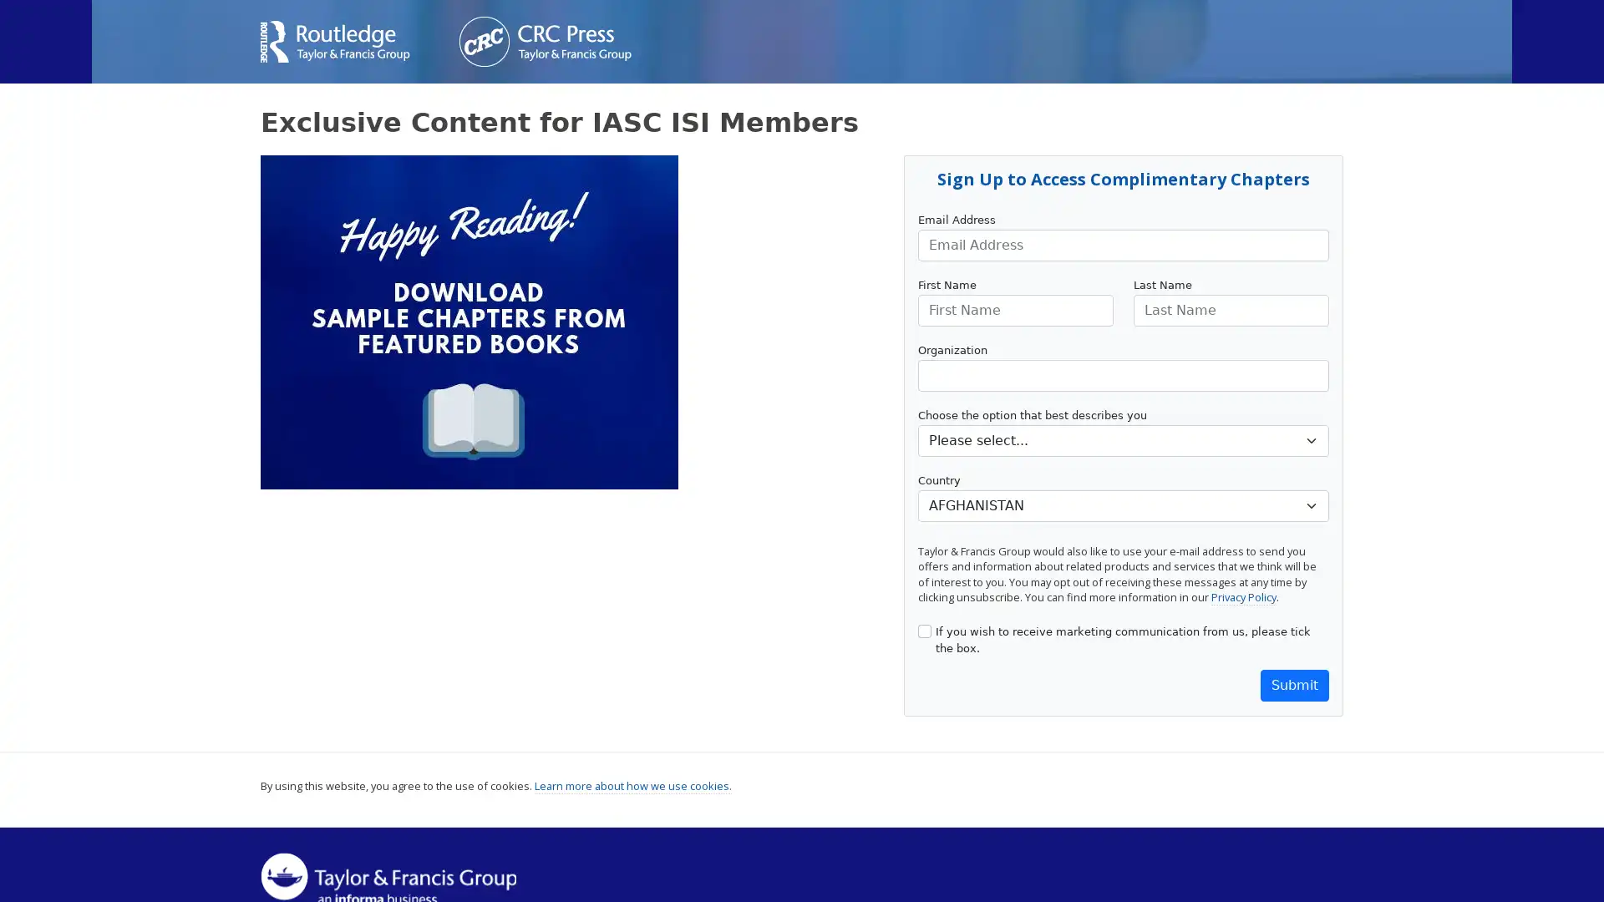  Describe the element at coordinates (1294, 686) in the screenshot. I see `Submit` at that location.